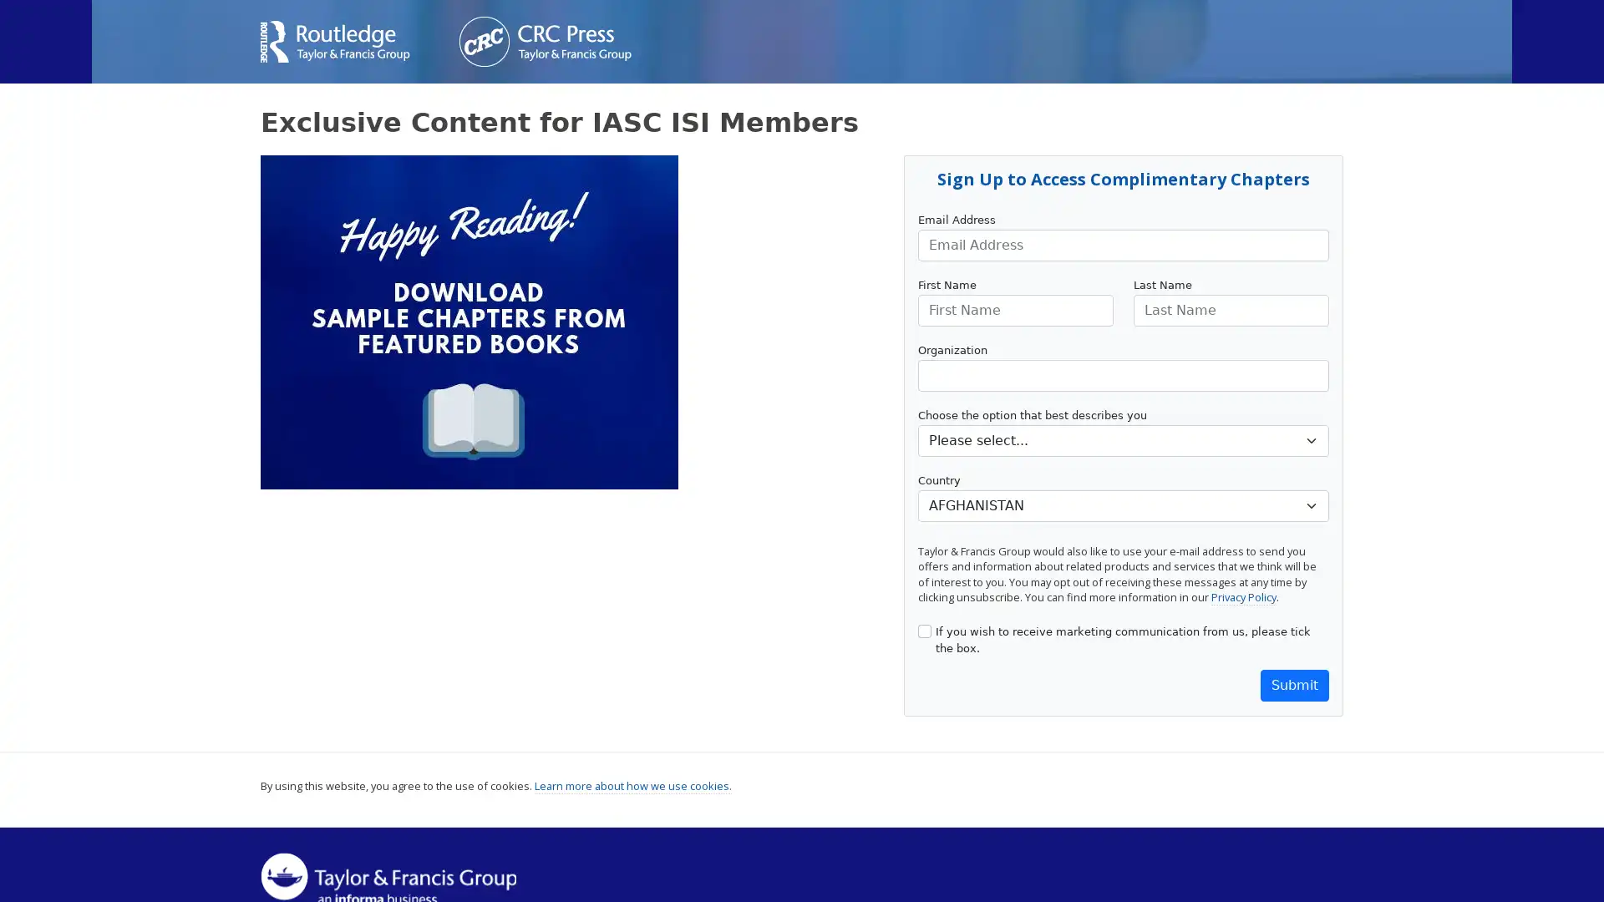  Describe the element at coordinates (1294, 686) in the screenshot. I see `Submit` at that location.